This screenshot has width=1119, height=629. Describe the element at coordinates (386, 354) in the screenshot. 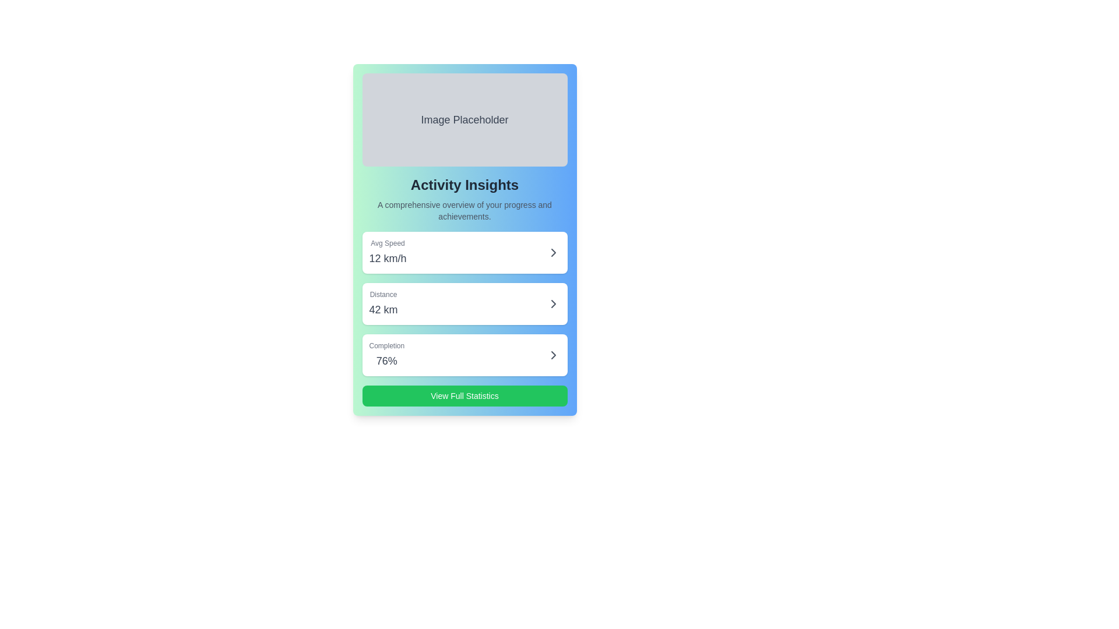

I see `percentage completion value from the informational text group displaying '76%' within the 'Activity Insights' section` at that location.